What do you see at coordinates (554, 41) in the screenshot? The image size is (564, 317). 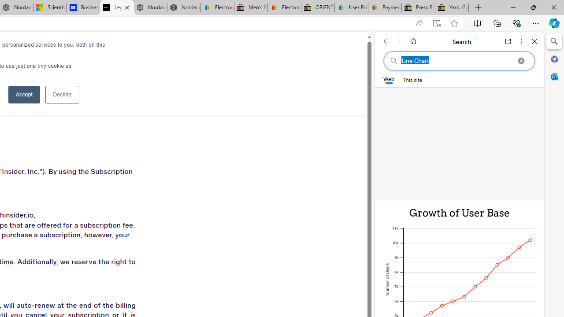 I see `'Minimize Search pane'` at bounding box center [554, 41].